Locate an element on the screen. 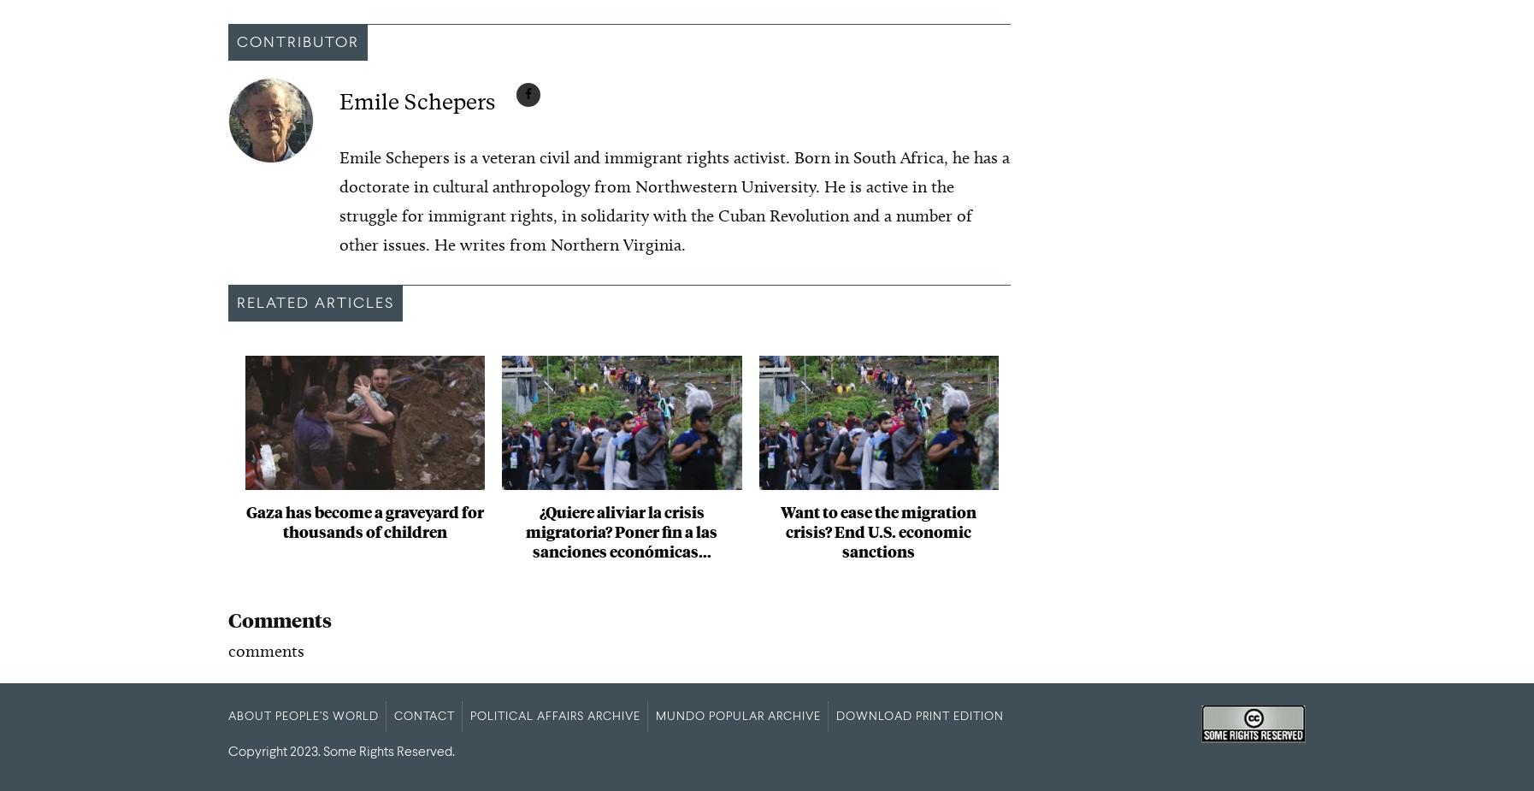 The image size is (1534, 791). 'Download Print Edition' is located at coordinates (919, 716).